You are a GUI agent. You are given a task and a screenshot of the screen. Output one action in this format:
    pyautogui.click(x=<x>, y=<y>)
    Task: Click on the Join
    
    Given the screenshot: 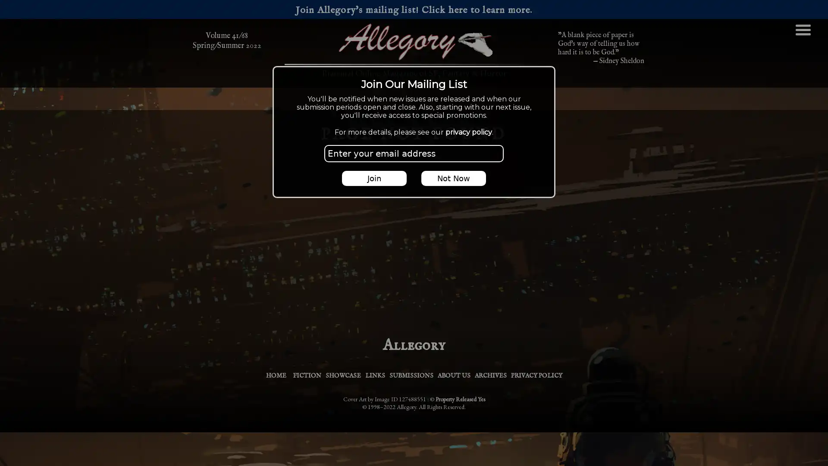 What is the action you would take?
    pyautogui.click(x=374, y=178)
    